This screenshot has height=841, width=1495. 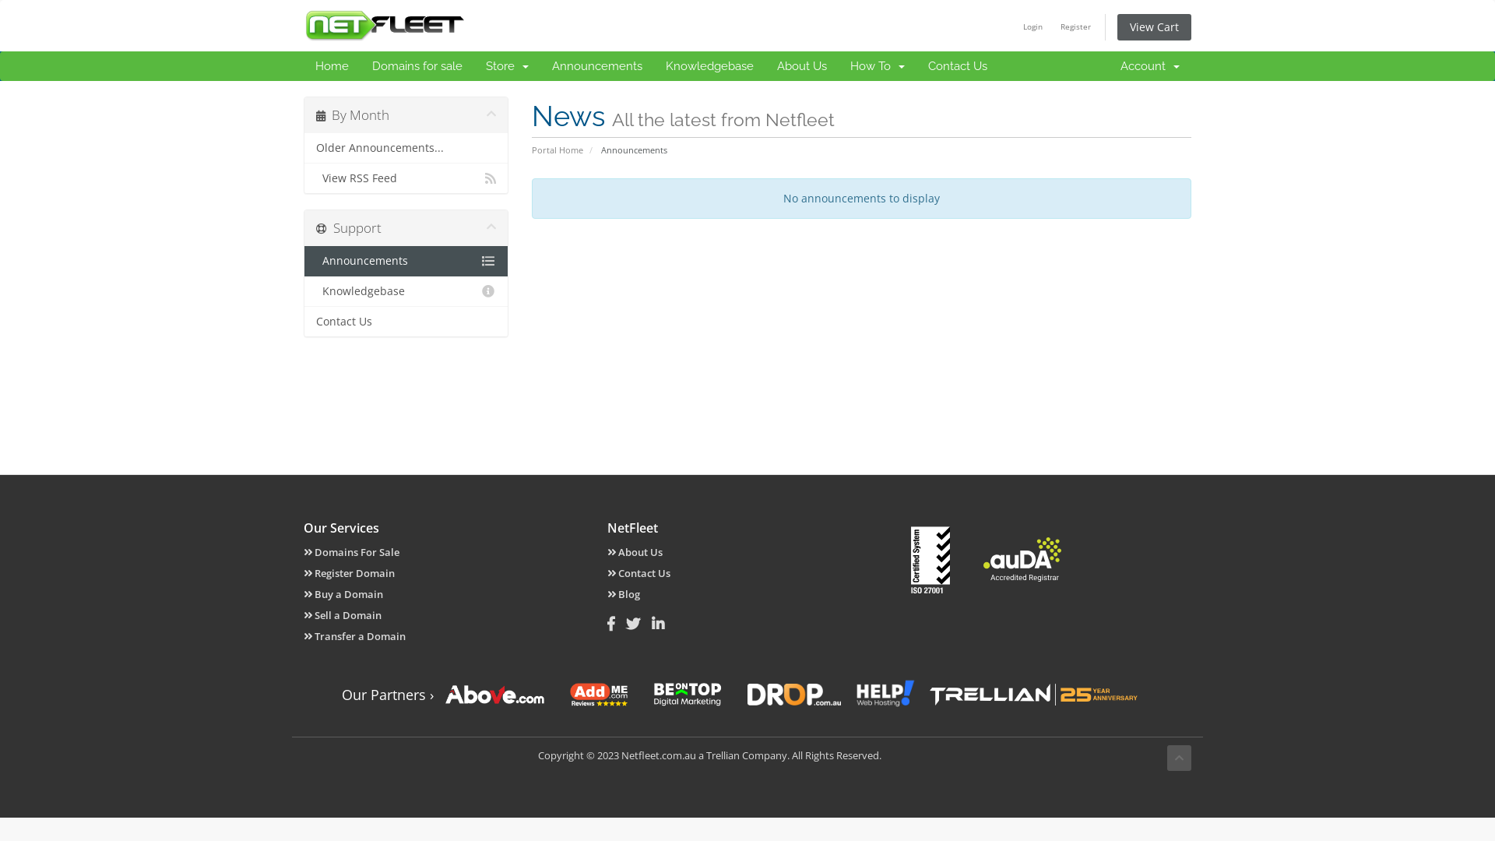 What do you see at coordinates (878, 65) in the screenshot?
I see `'How To  '` at bounding box center [878, 65].